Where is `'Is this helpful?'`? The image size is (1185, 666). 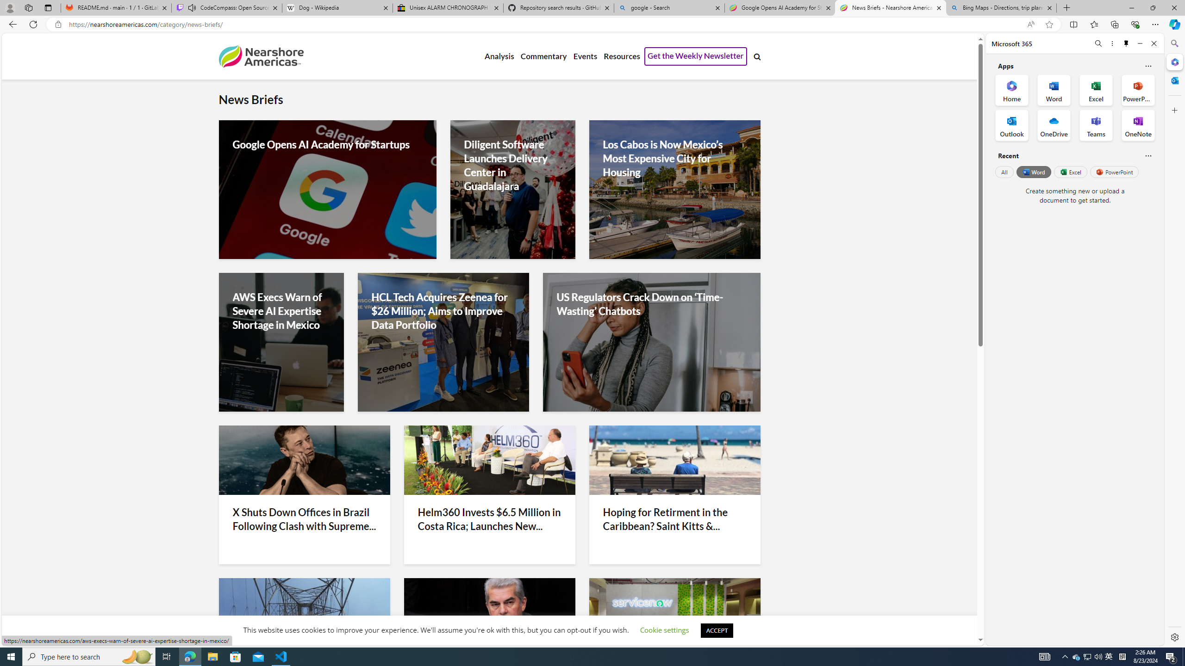 'Is this helpful?' is located at coordinates (1148, 155).